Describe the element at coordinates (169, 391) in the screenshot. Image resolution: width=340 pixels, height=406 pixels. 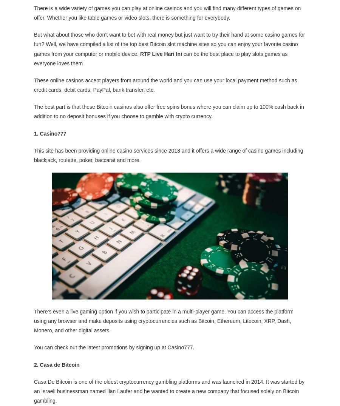
I see `'Casa De Bitcoin is one of the oldest cryptocurrency gambling platforms and was launched in 2014. It was started by an Israeli businessman named Ilan Laufer and he wanted to create a new company that focused solely on Bitcoin gambling.'` at that location.